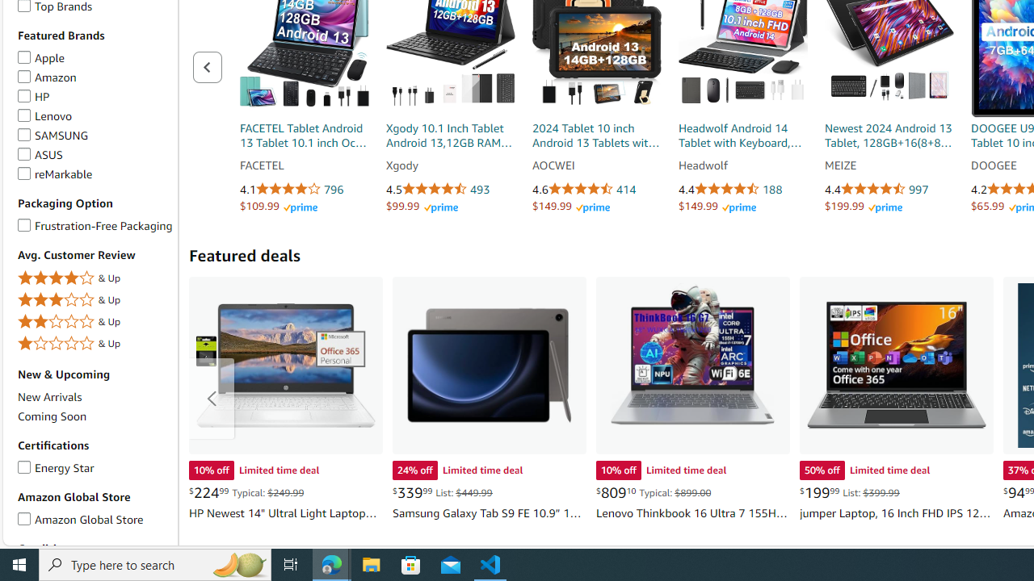 The height and width of the screenshot is (581, 1034). What do you see at coordinates (33, 96) in the screenshot?
I see `'HP HP'` at bounding box center [33, 96].